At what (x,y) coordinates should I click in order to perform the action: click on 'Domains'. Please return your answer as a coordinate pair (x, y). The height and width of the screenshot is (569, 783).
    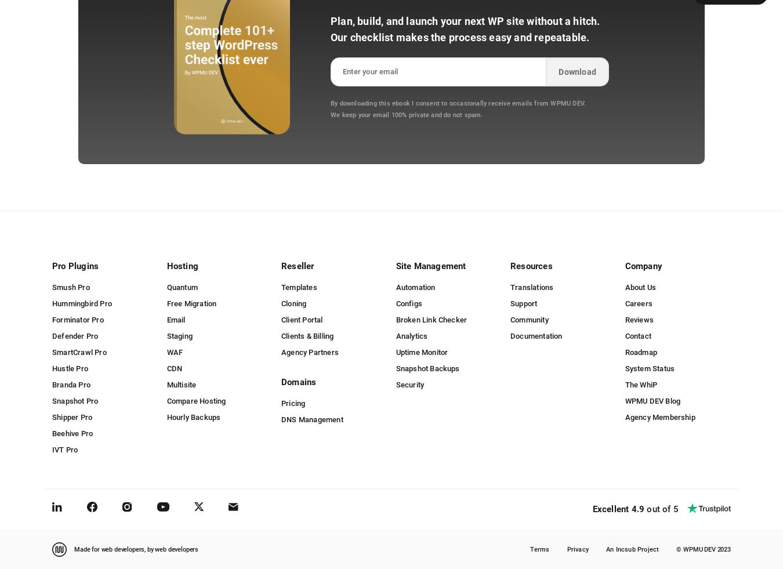
    Looking at the image, I should click on (298, 382).